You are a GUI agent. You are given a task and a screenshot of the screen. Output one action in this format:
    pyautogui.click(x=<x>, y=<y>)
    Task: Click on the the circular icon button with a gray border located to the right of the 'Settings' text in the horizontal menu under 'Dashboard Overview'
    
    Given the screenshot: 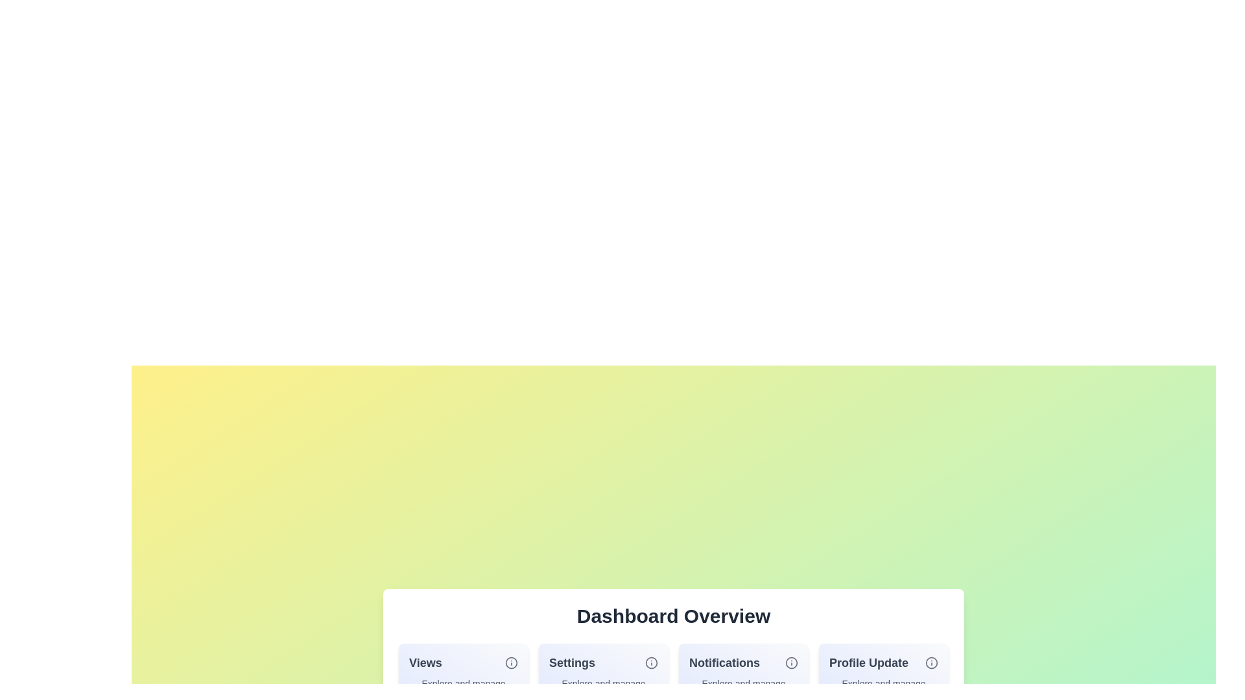 What is the action you would take?
    pyautogui.click(x=651, y=662)
    